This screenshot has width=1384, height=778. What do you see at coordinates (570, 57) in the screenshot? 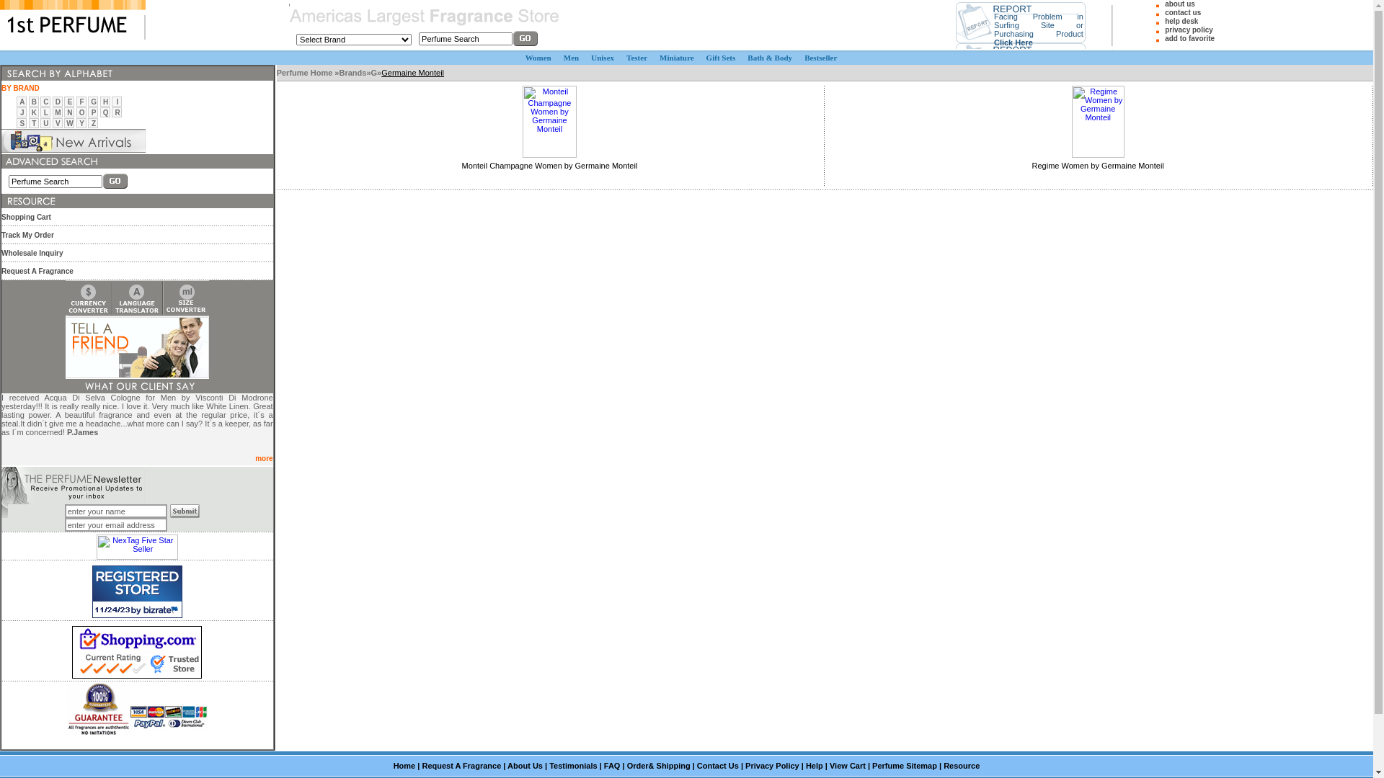
I see `'Men'` at bounding box center [570, 57].